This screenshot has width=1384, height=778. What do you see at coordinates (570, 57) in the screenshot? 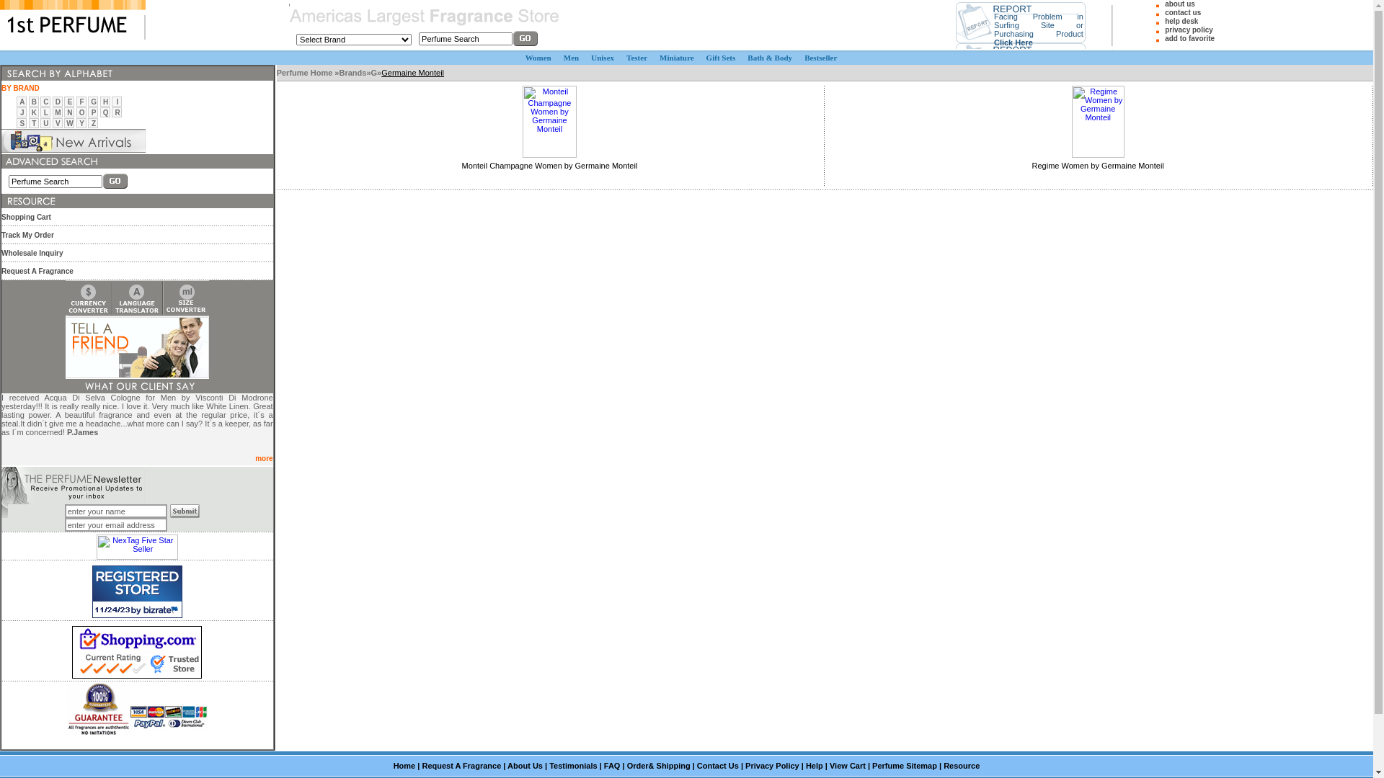
I see `'Men'` at bounding box center [570, 57].